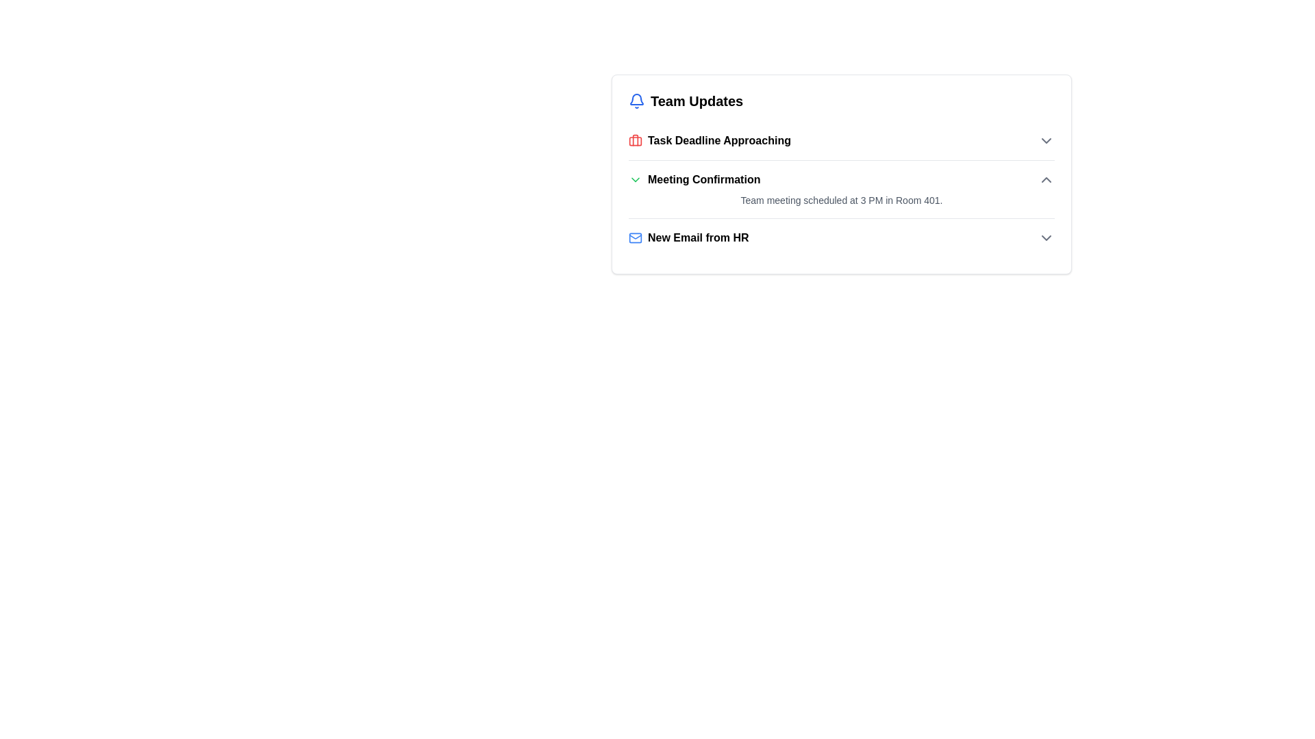 The image size is (1315, 739). I want to click on the notification bell icon, which is styled in blue and positioned to the left of the 'Team Updates' text, so click(636, 100).